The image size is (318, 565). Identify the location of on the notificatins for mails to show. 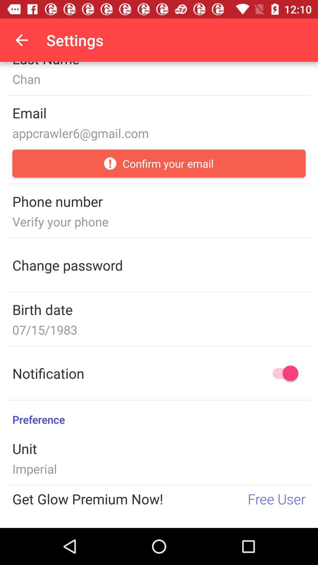
(282, 373).